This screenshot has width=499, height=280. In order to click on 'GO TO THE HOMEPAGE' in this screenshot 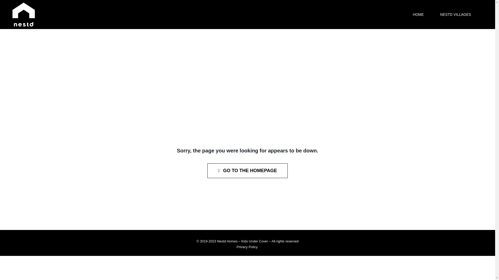, I will do `click(247, 171)`.